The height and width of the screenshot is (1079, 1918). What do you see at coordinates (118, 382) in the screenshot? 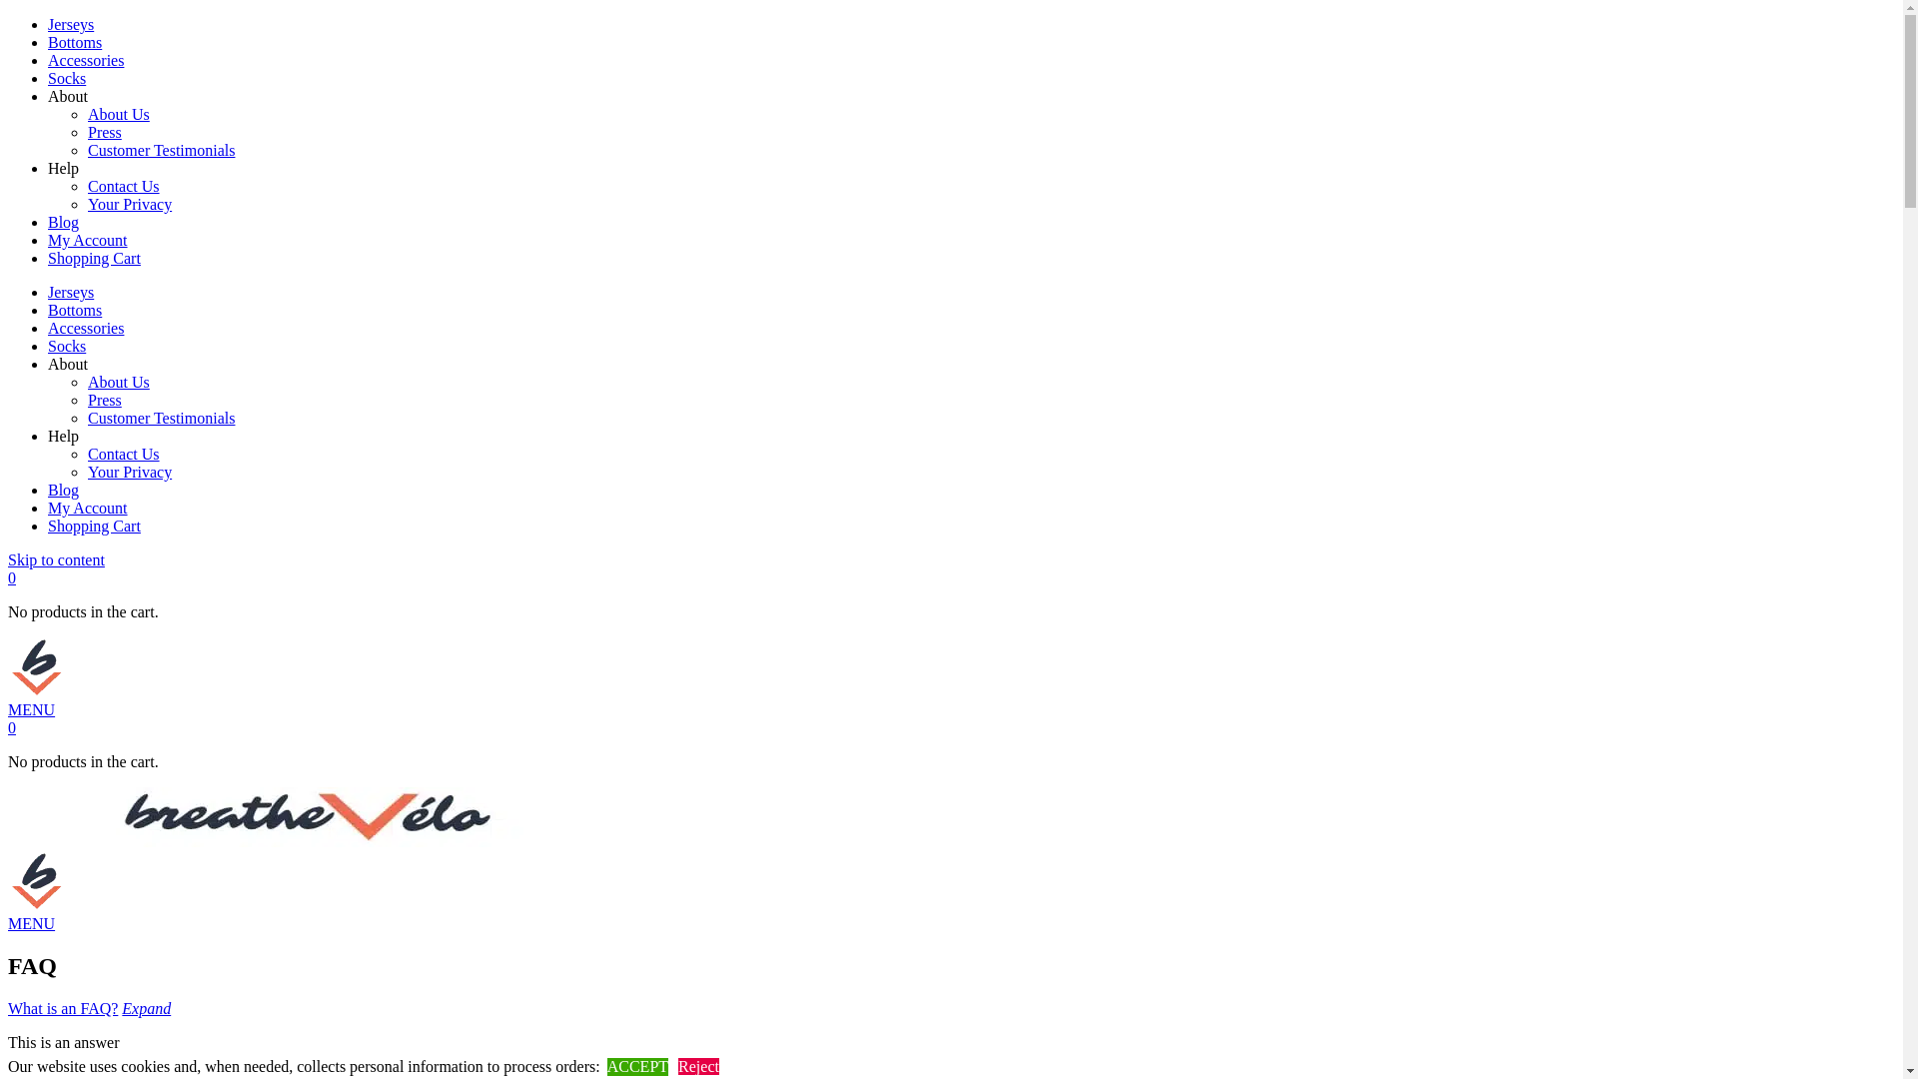
I see `'About Us'` at bounding box center [118, 382].